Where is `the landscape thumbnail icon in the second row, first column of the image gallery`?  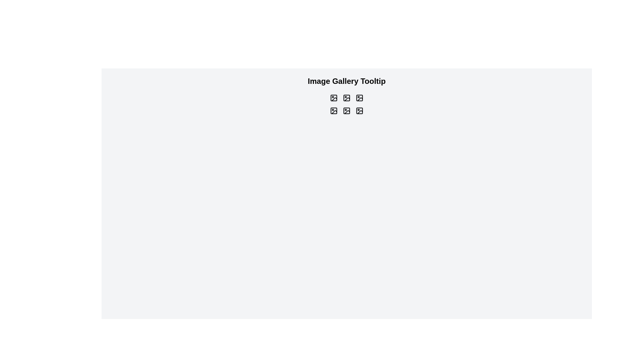 the landscape thumbnail icon in the second row, first column of the image gallery is located at coordinates (334, 110).